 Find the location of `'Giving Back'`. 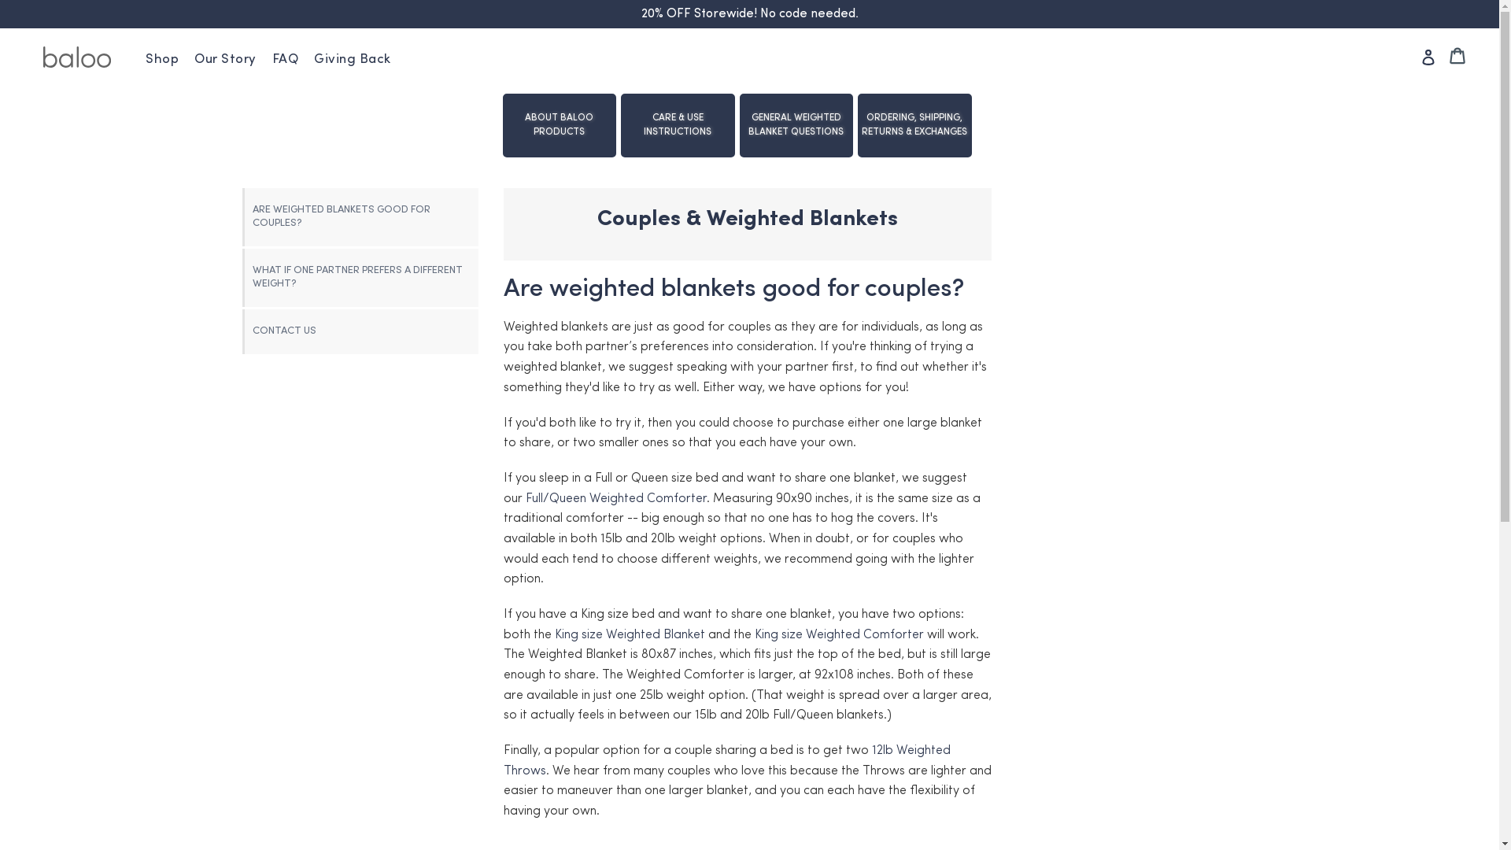

'Giving Back' is located at coordinates (351, 58).